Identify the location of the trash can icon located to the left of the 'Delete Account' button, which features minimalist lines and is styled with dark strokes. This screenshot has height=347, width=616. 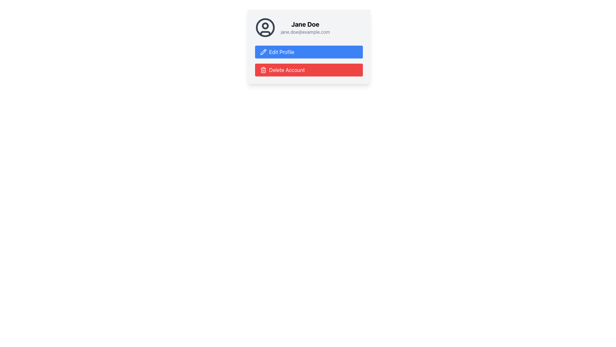
(263, 70).